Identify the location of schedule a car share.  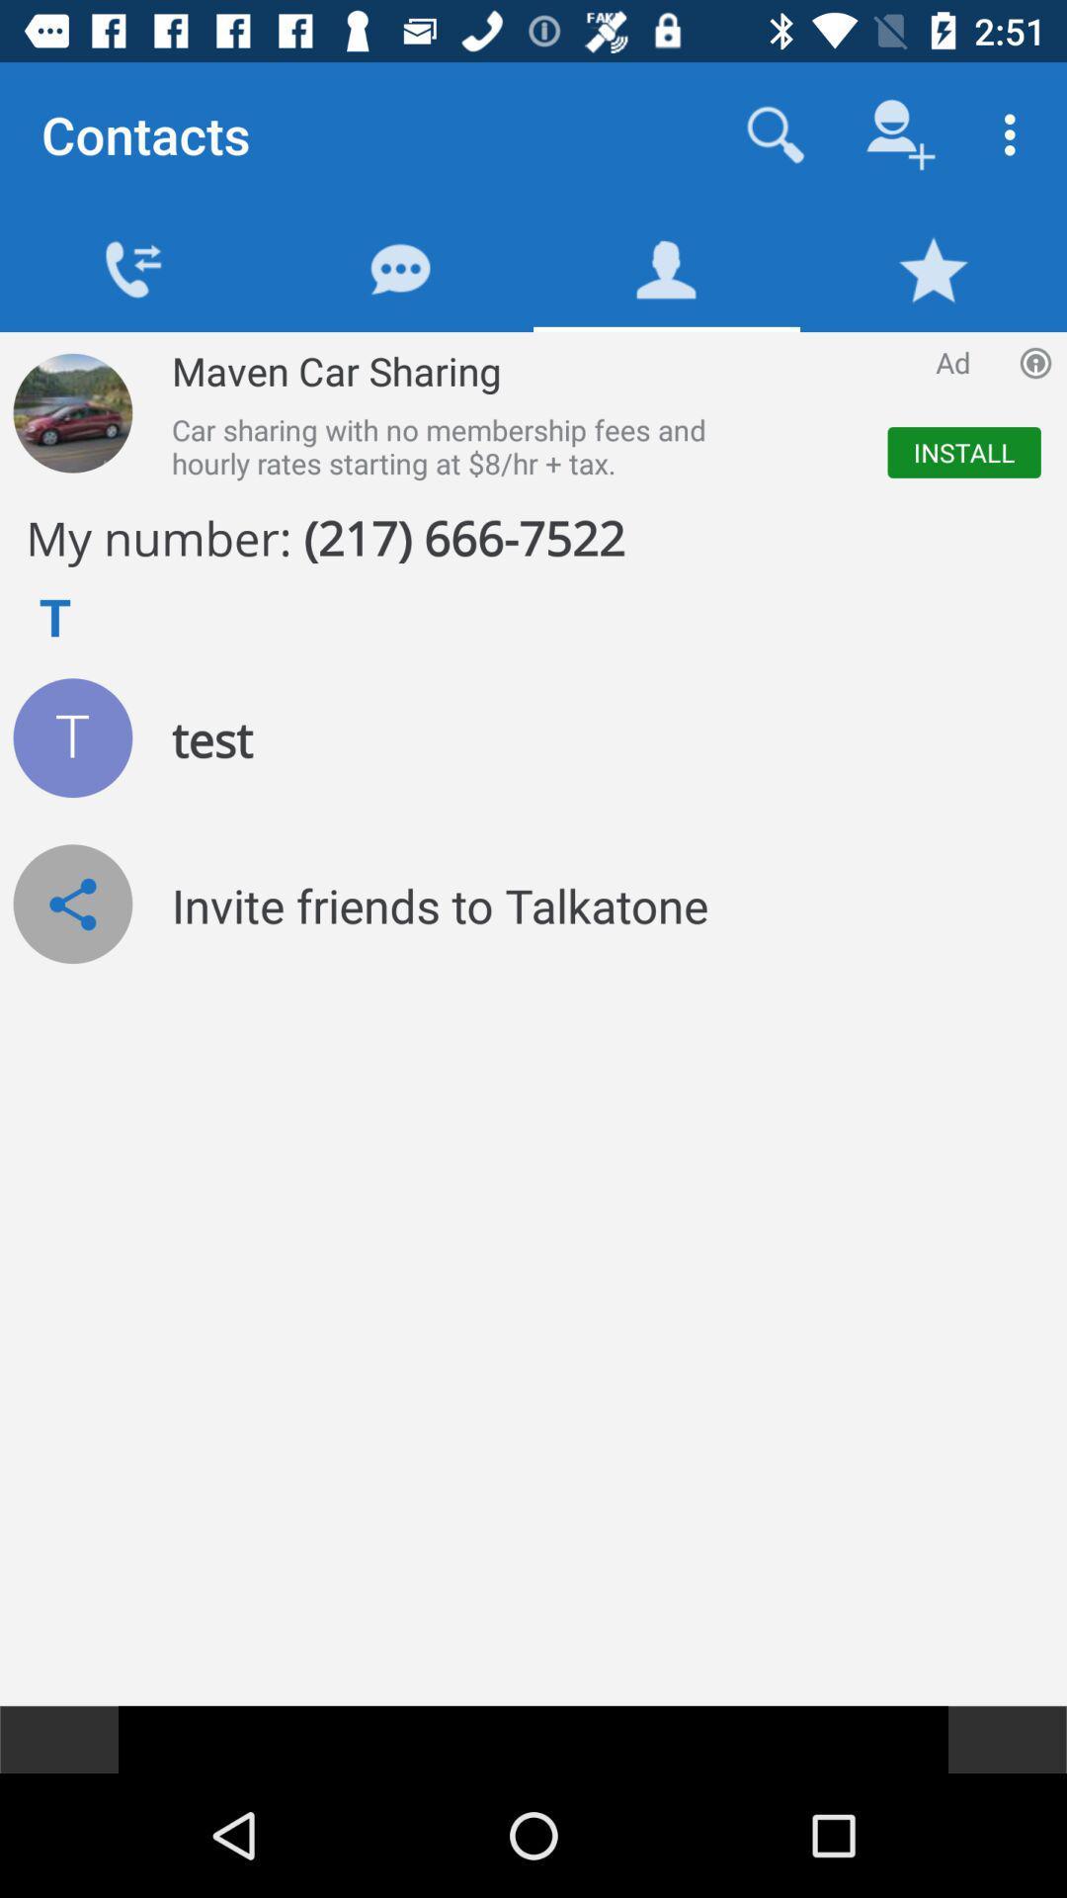
(71, 412).